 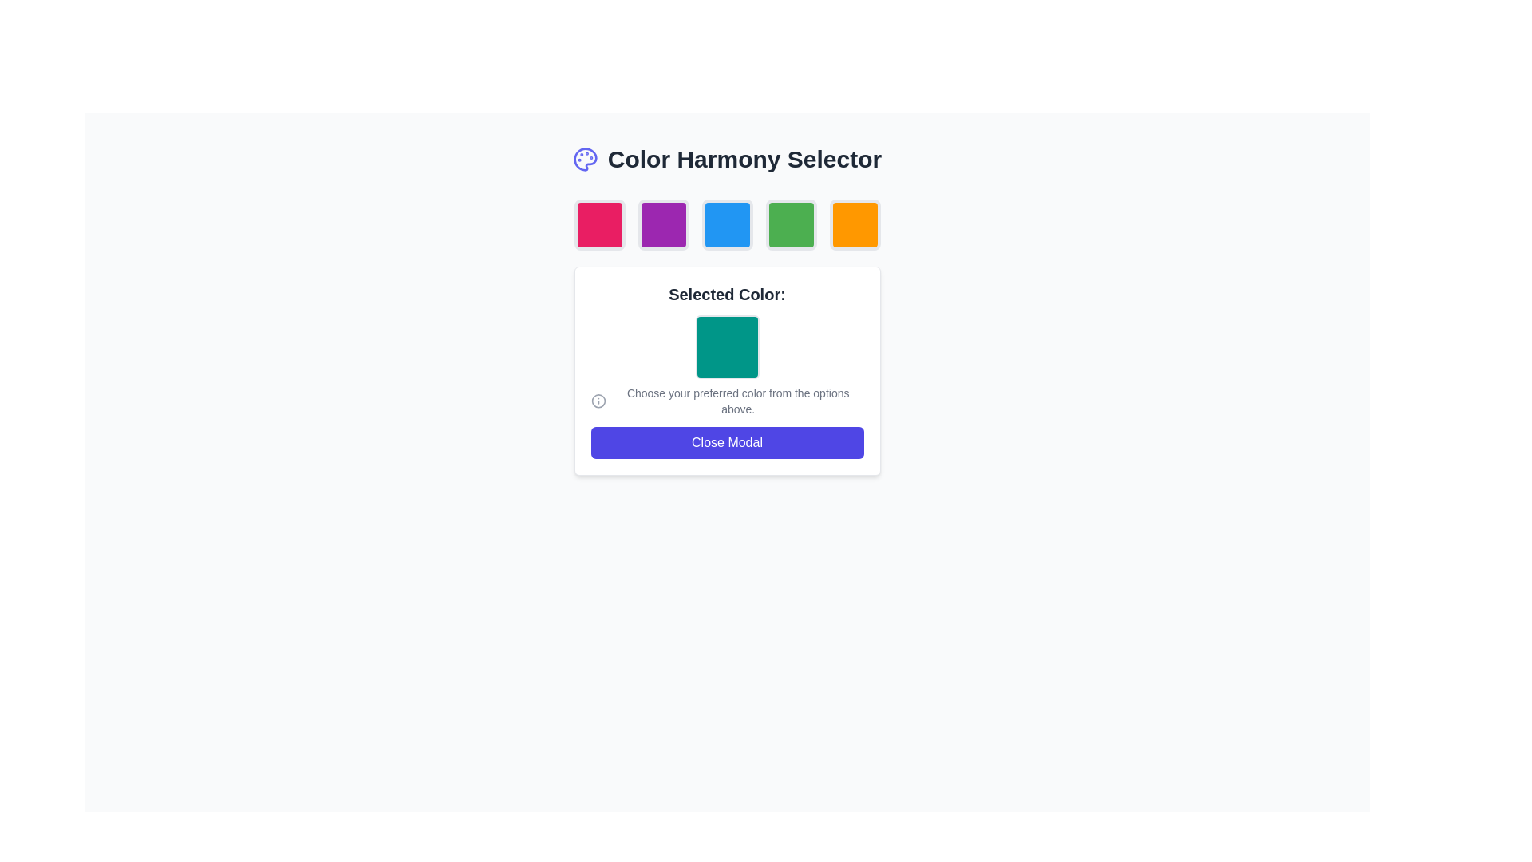 What do you see at coordinates (726, 160) in the screenshot?
I see `the 'Color Harmony Selector' element, which features bold text and a blue palette SVG icon, located near the top center of the interface` at bounding box center [726, 160].